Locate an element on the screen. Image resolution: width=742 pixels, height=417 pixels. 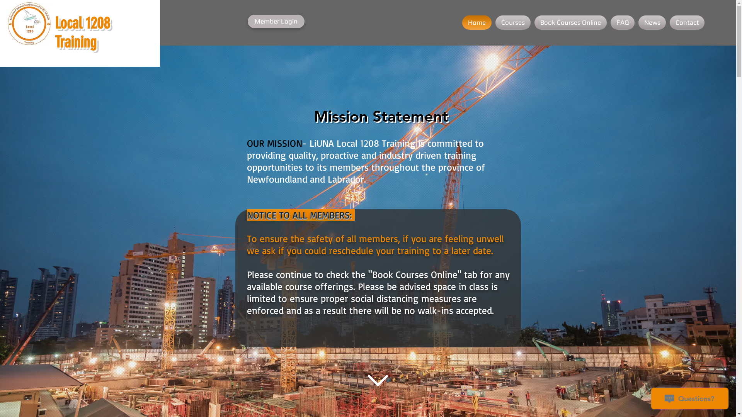
'Contact' is located at coordinates (686, 22).